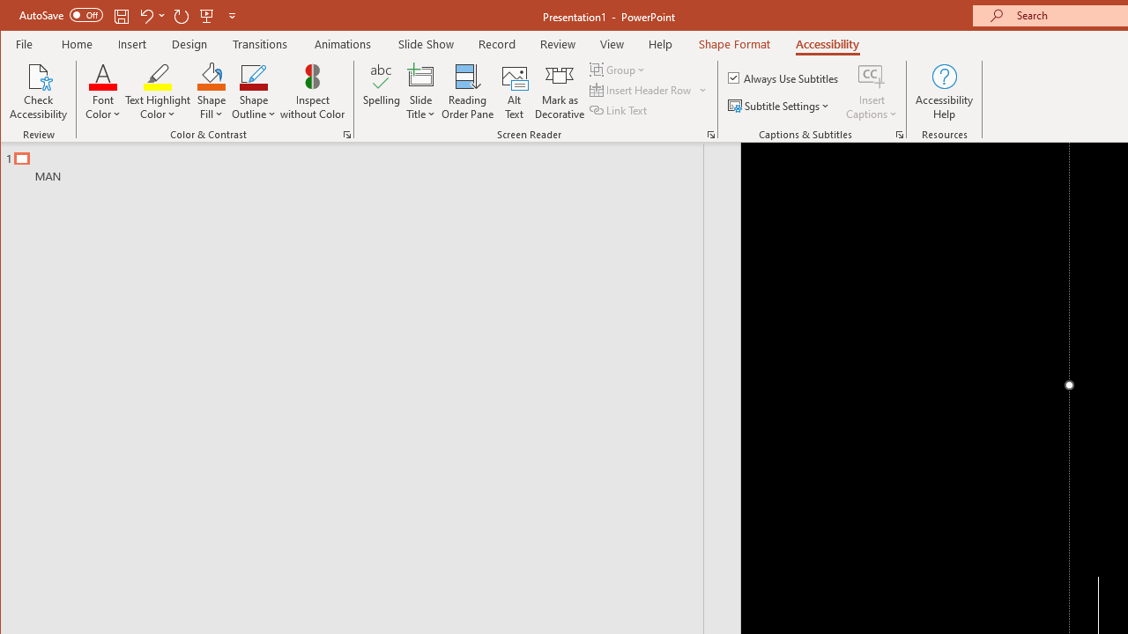 This screenshot has height=634, width=1128. I want to click on 'Link Text', so click(620, 110).